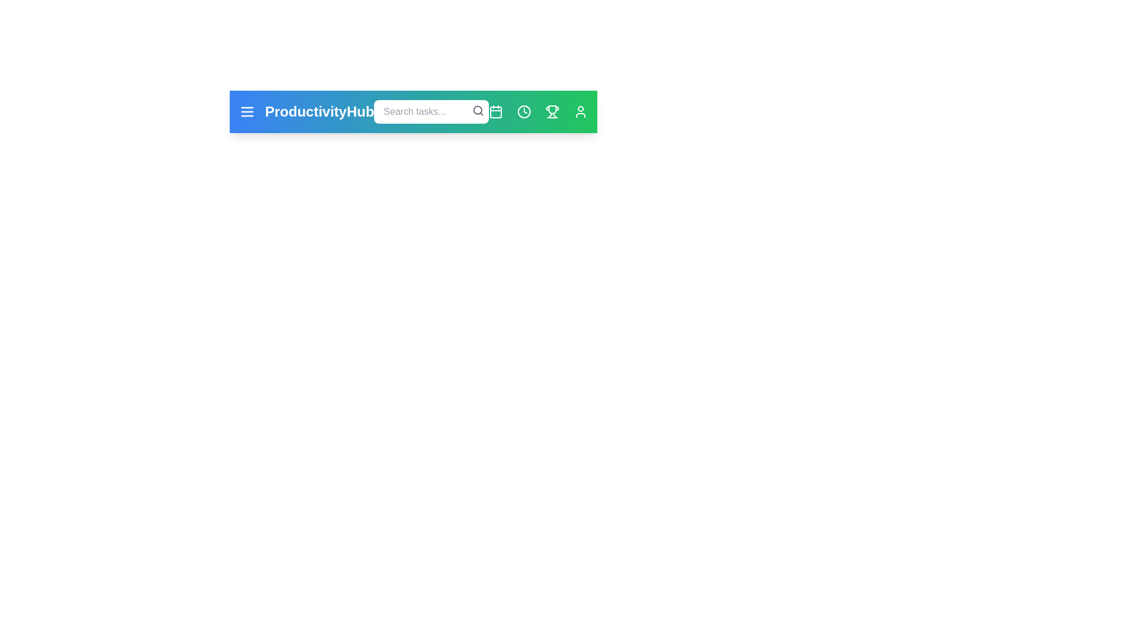 This screenshot has width=1131, height=636. What do you see at coordinates (495, 111) in the screenshot?
I see `the calendar icon to access the calendar view` at bounding box center [495, 111].